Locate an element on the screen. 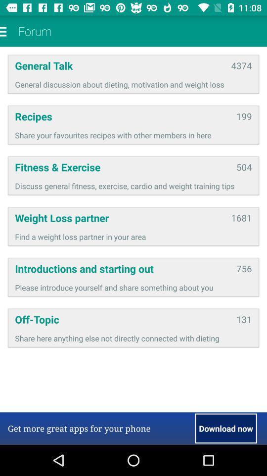  introductions and starting item is located at coordinates (122, 268).